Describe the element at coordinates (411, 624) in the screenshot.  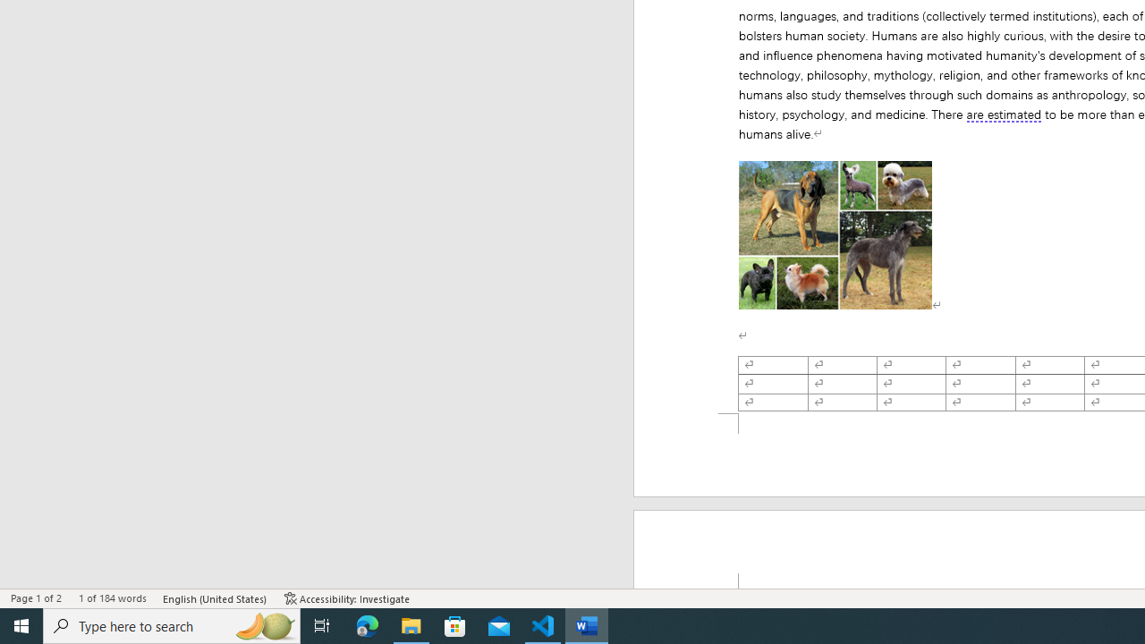
I see `'File Explorer - 1 running window'` at that location.